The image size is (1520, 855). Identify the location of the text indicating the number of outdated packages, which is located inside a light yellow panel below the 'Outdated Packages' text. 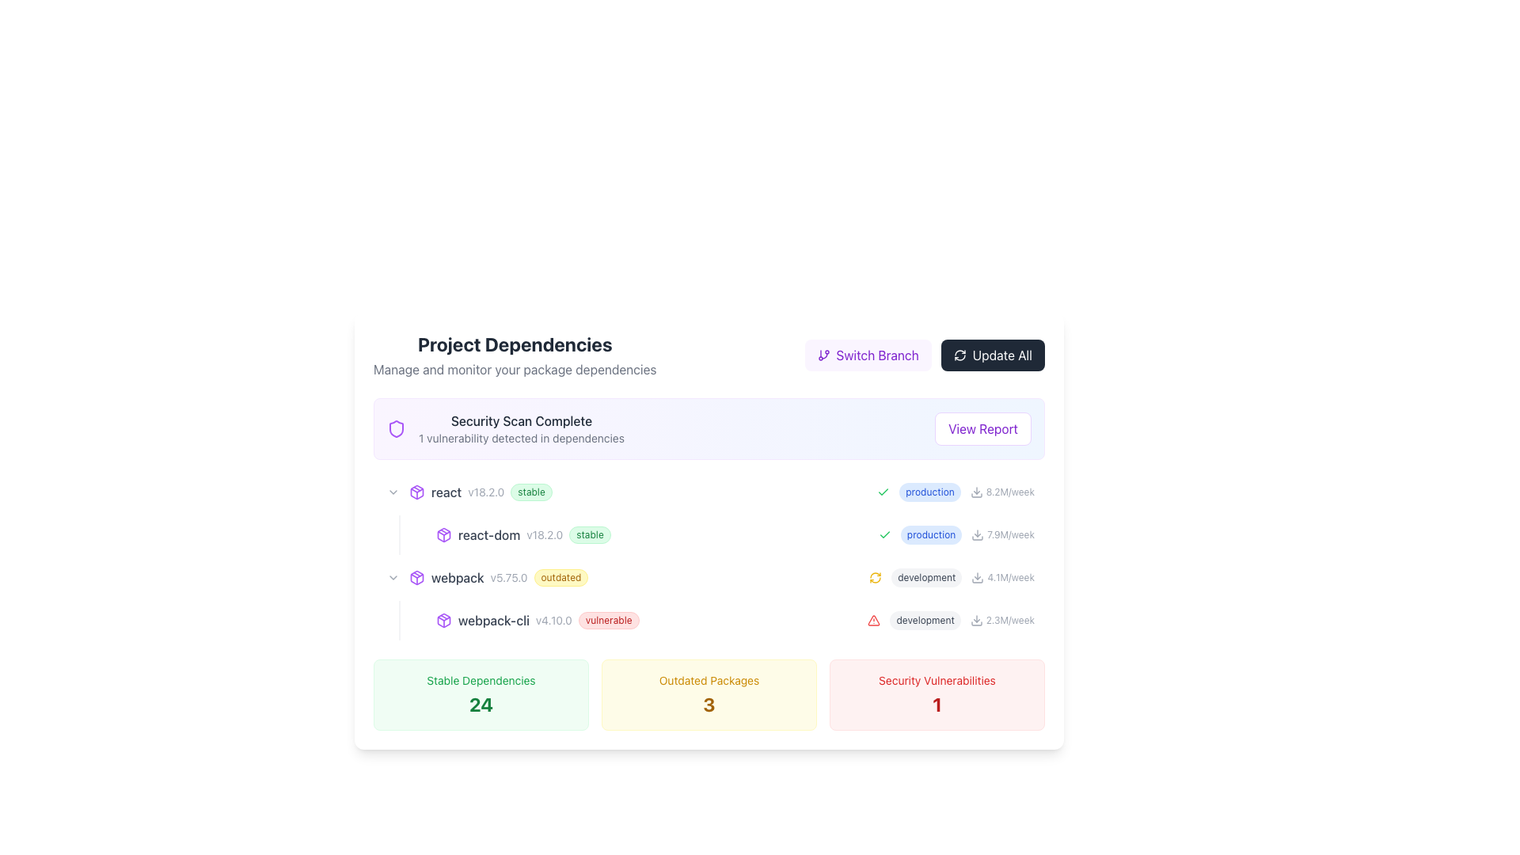
(709, 704).